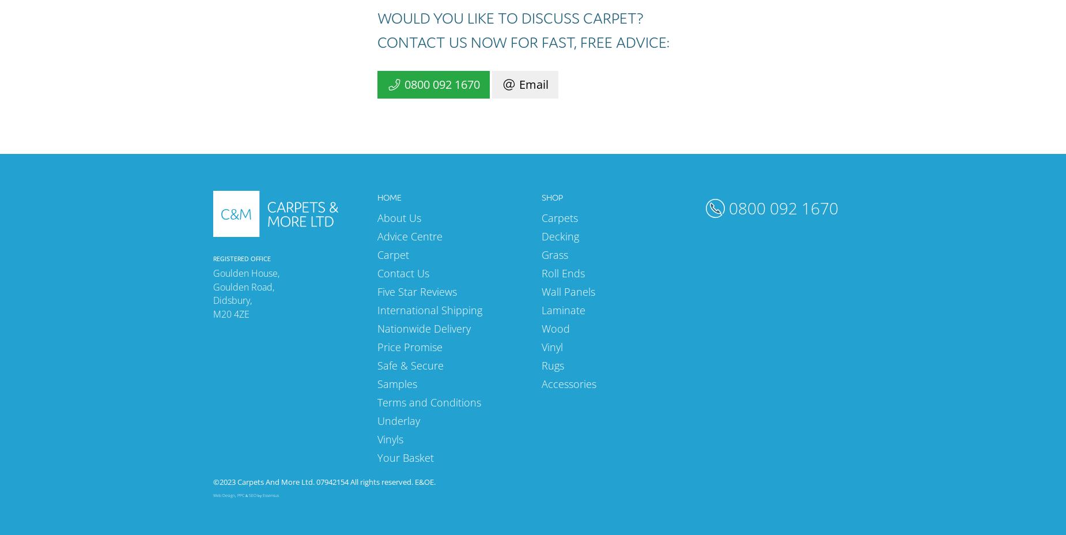  What do you see at coordinates (324, 481) in the screenshot?
I see `'©2023 Carpets And More Ltd. 07942154 All rights reserved. E&OE.'` at bounding box center [324, 481].